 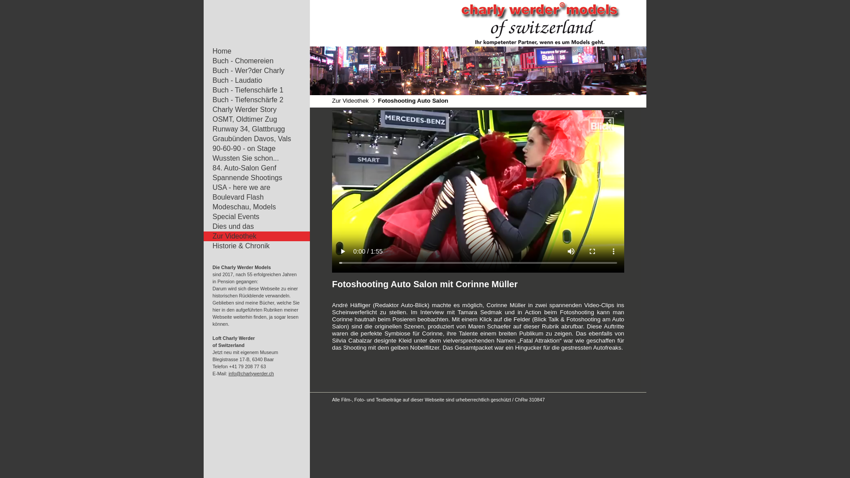 What do you see at coordinates (252, 207) in the screenshot?
I see `'Modeschau, Models'` at bounding box center [252, 207].